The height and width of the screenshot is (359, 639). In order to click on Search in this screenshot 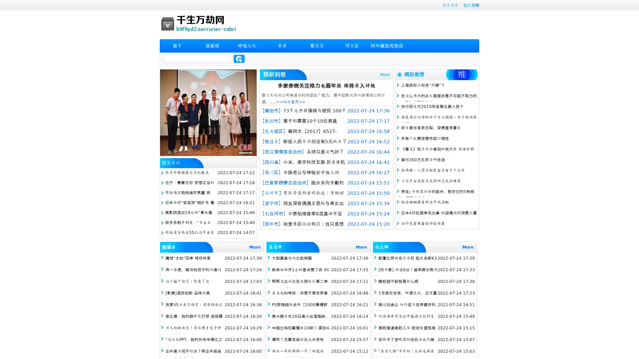, I will do `click(239, 59)`.